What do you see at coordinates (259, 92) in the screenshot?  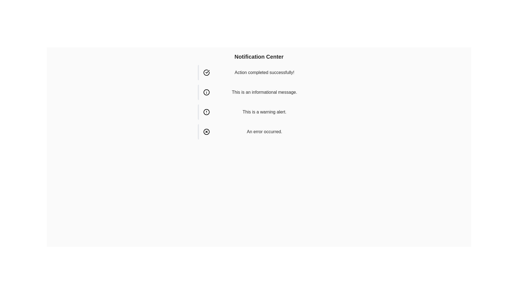 I see `the second notification box in the vertical list of notifications, which conveys an informational message` at bounding box center [259, 92].